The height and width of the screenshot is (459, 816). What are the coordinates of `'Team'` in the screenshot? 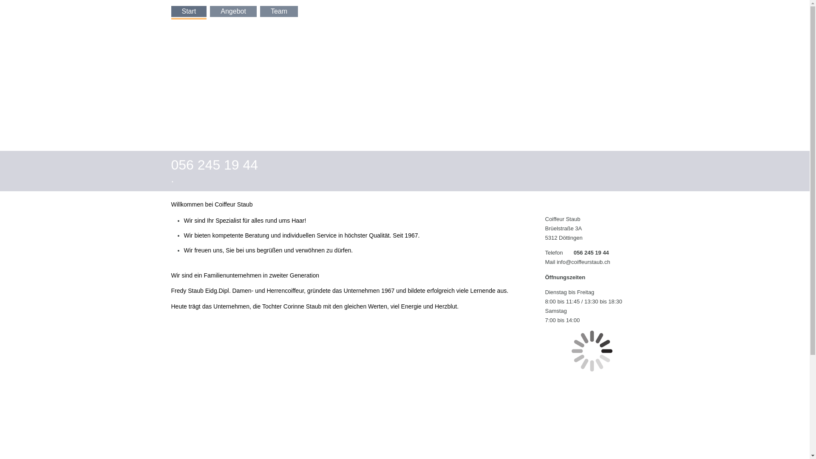 It's located at (279, 11).